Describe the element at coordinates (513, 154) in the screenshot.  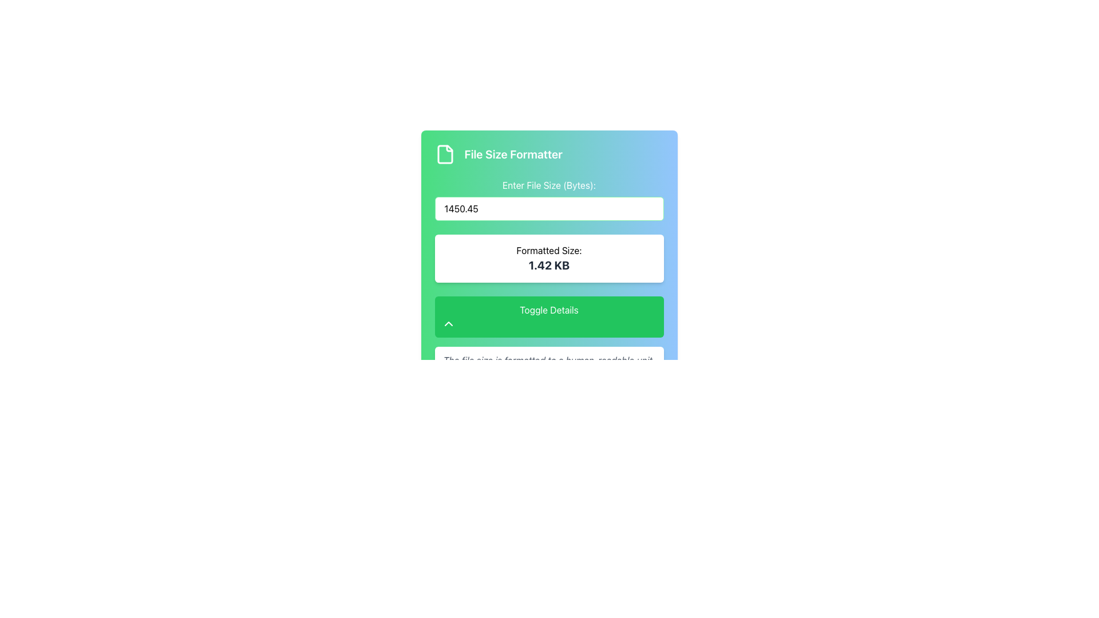
I see `the text label displaying 'File Size Formatter', which is positioned to the right of a file document icon and is styled in a large, bold, white font against a colorful gradient background` at that location.